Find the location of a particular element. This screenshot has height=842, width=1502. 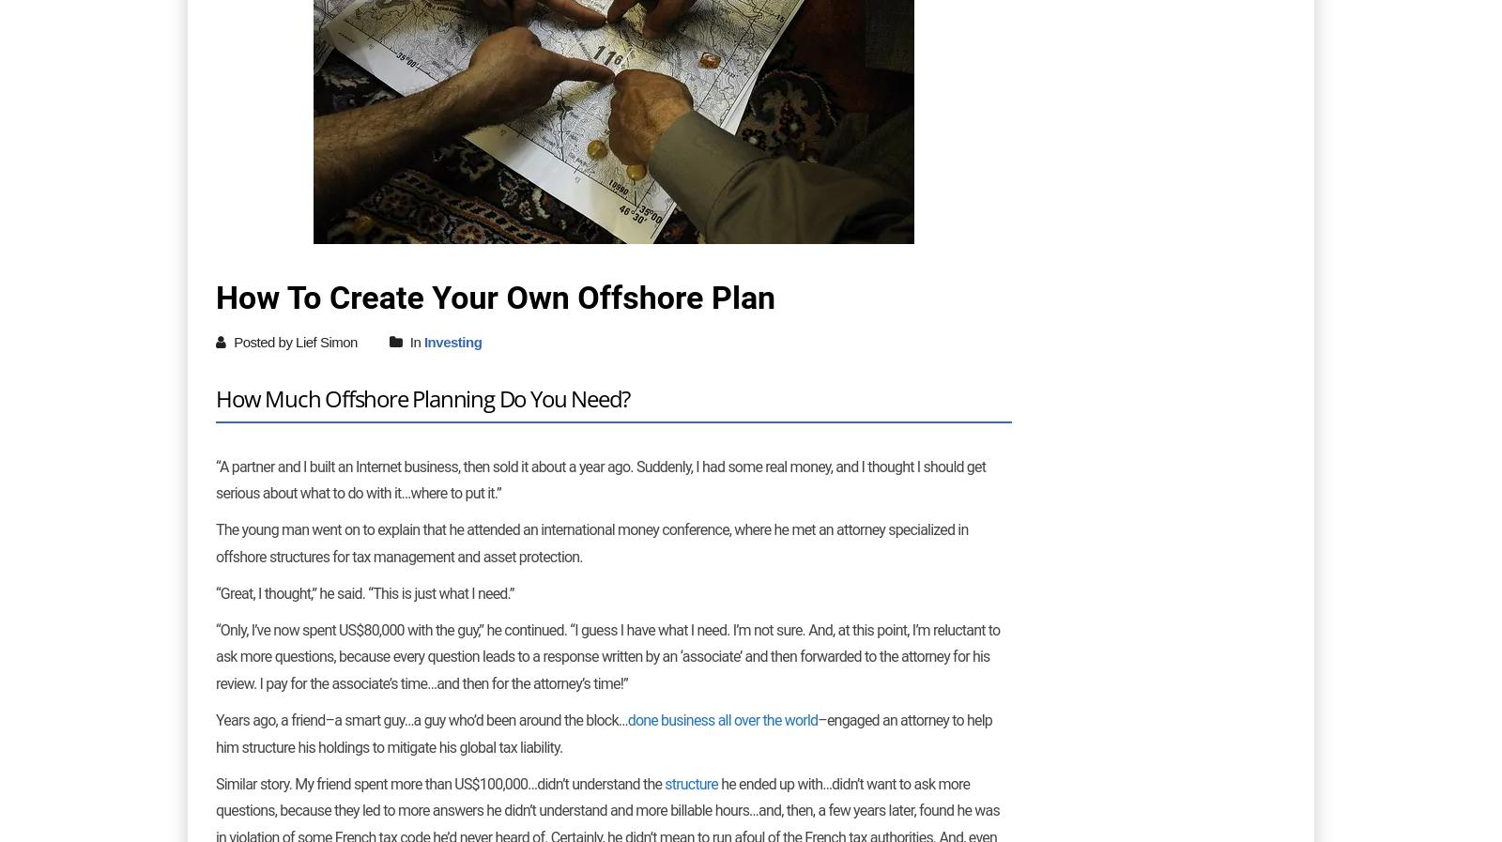

'–engaged an attorney to help him structure his holdings to' is located at coordinates (604, 733).